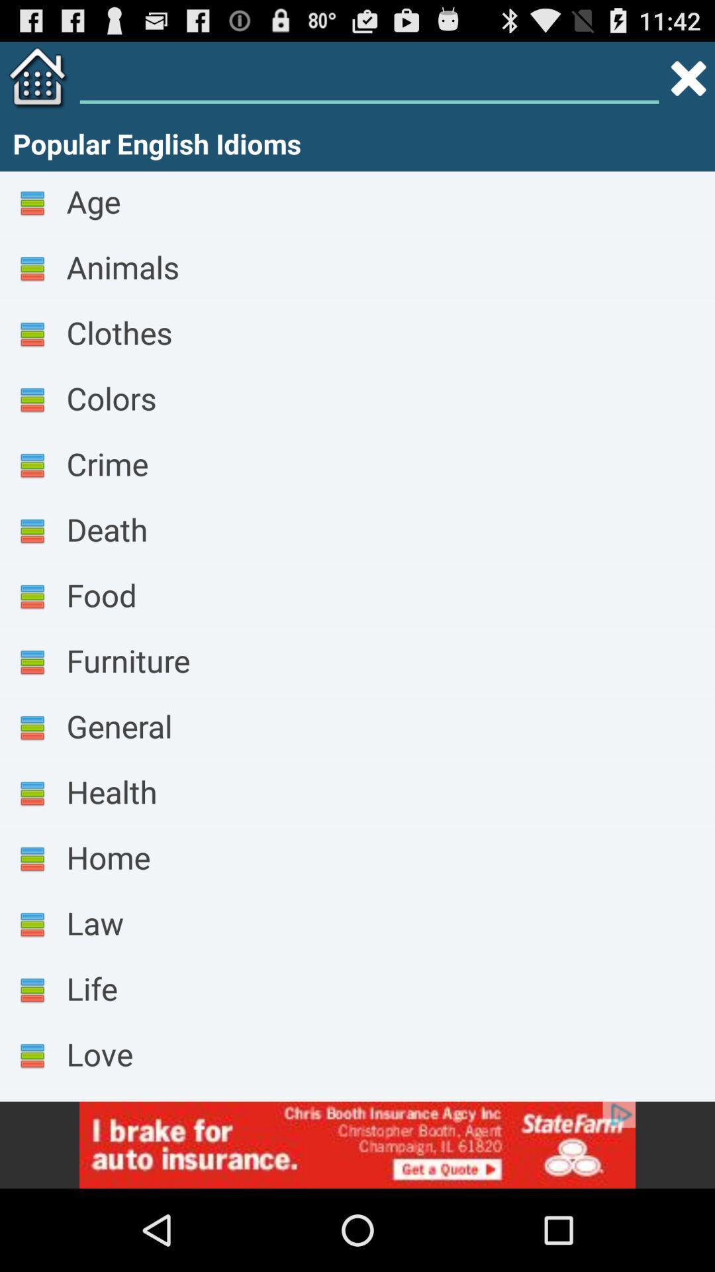 Image resolution: width=715 pixels, height=1272 pixels. I want to click on icon which is before animals, so click(32, 269).